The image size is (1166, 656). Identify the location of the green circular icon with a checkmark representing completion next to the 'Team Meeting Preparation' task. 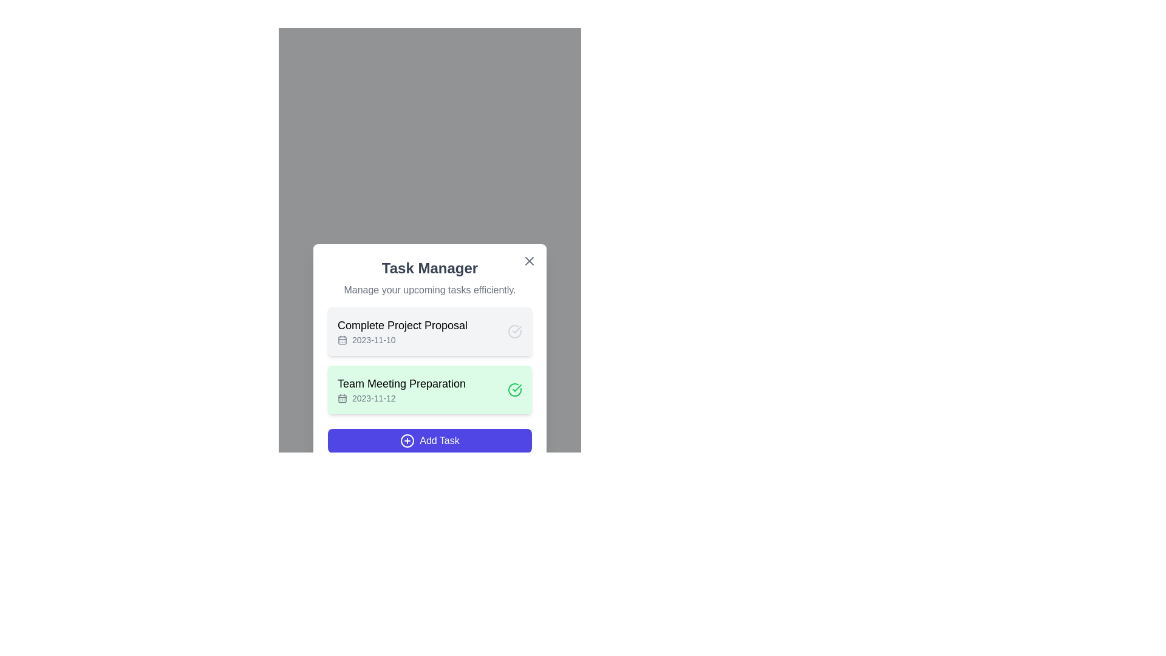
(515, 389).